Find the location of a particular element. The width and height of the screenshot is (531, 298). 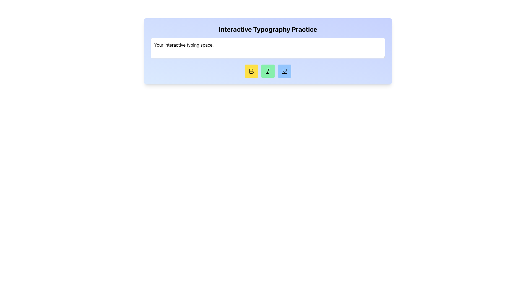

the bold 'B' icon button with a yellow background is located at coordinates (251, 71).